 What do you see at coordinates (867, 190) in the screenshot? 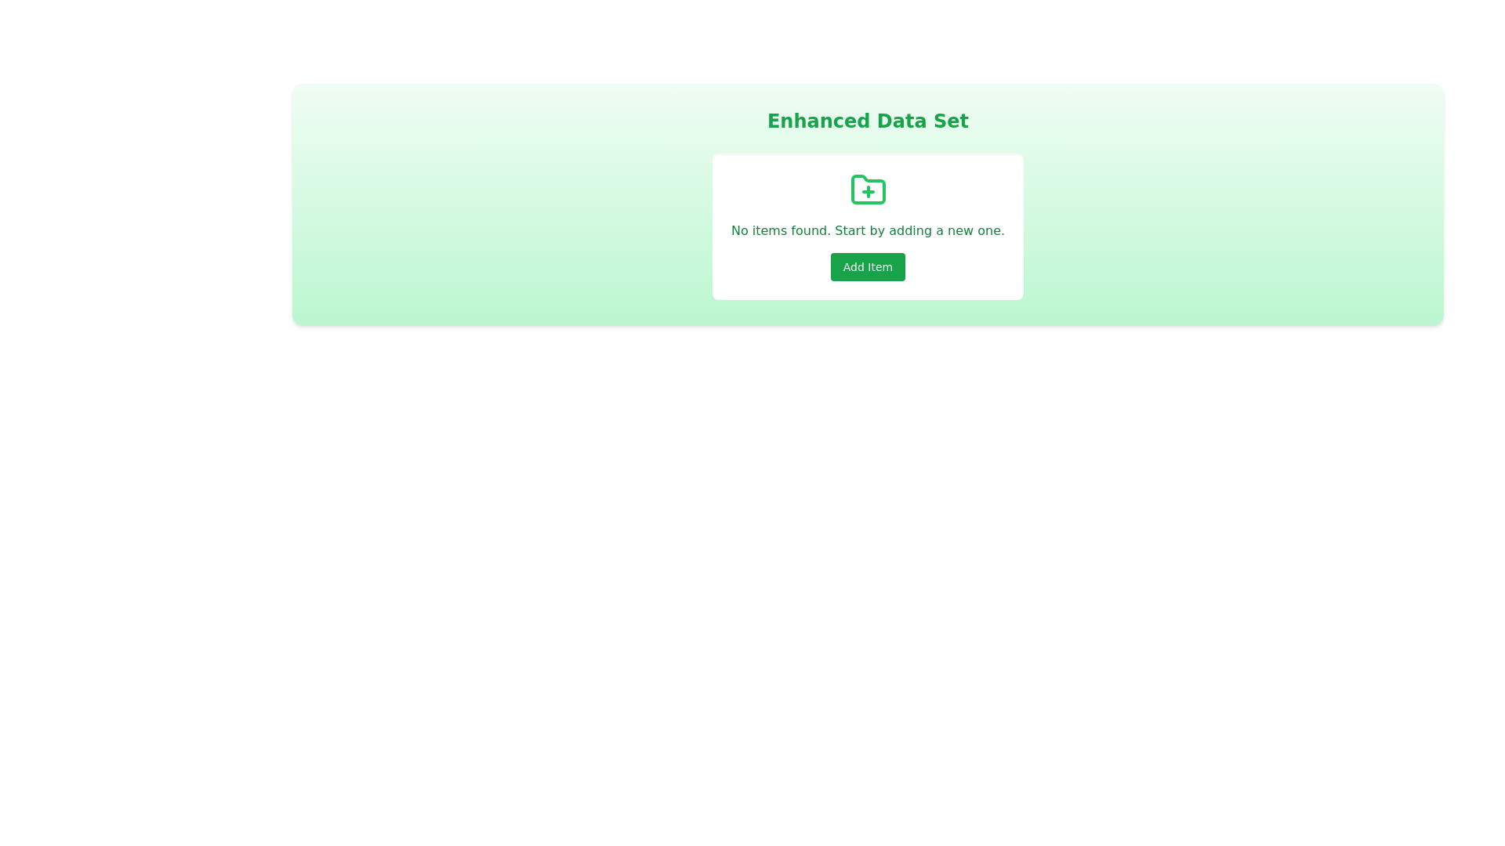
I see `the add folder icon located in the center of the panel, which is positioned above the text 'No items found. Start by adding a new one.' and directly above the 'Add Item' button` at bounding box center [867, 190].